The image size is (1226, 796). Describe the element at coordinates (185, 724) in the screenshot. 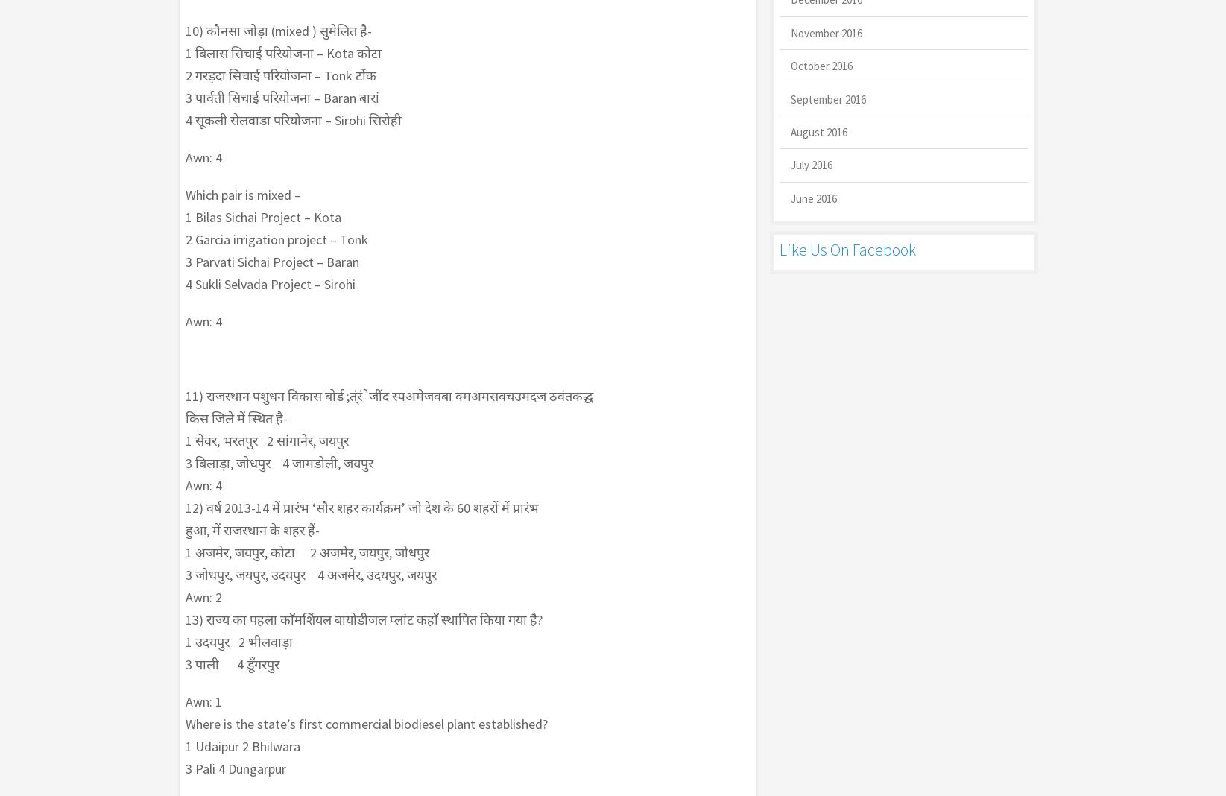

I see `'Where is the state’s first commercial biodiesel plant established?'` at that location.